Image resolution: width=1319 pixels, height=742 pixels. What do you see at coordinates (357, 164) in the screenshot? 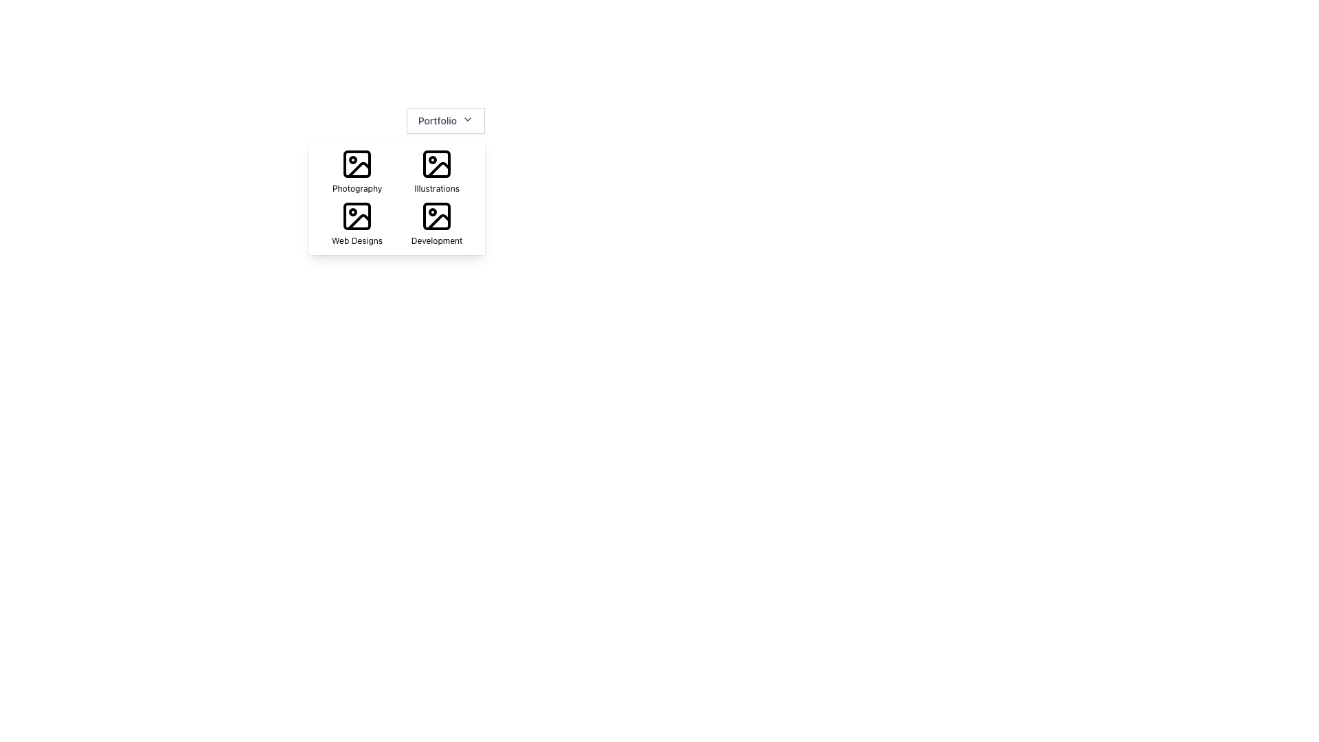
I see `the Icon displaying a photographic scene` at bounding box center [357, 164].